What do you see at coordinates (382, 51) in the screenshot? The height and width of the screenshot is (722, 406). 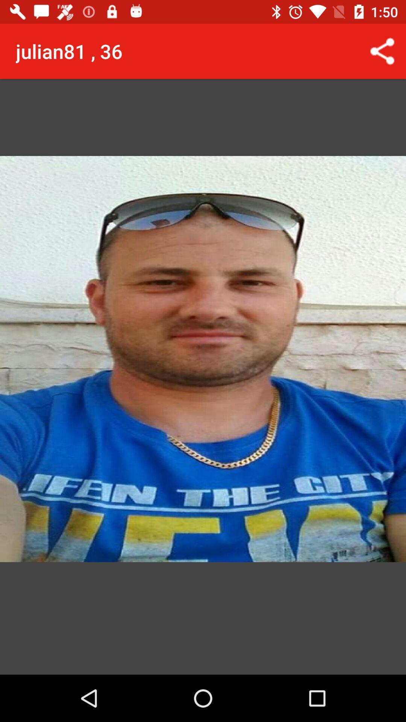 I see `the icon to the right of the julian81 , 36 icon` at bounding box center [382, 51].